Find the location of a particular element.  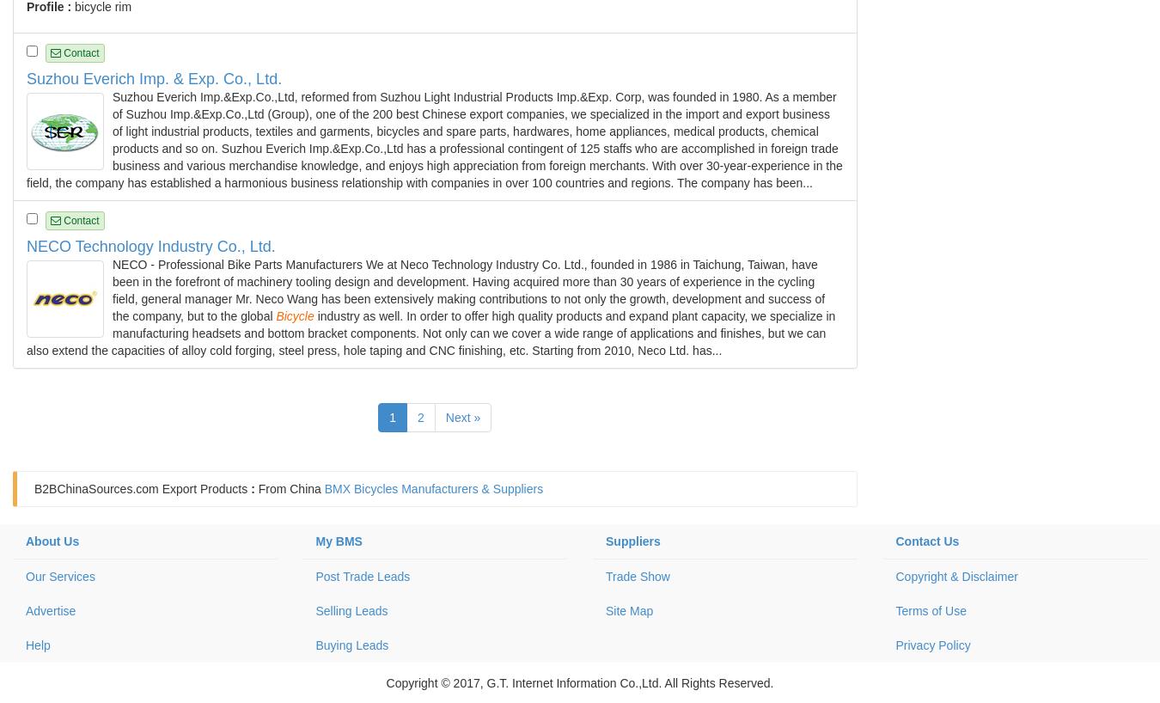

'My BMS' is located at coordinates (339, 541).